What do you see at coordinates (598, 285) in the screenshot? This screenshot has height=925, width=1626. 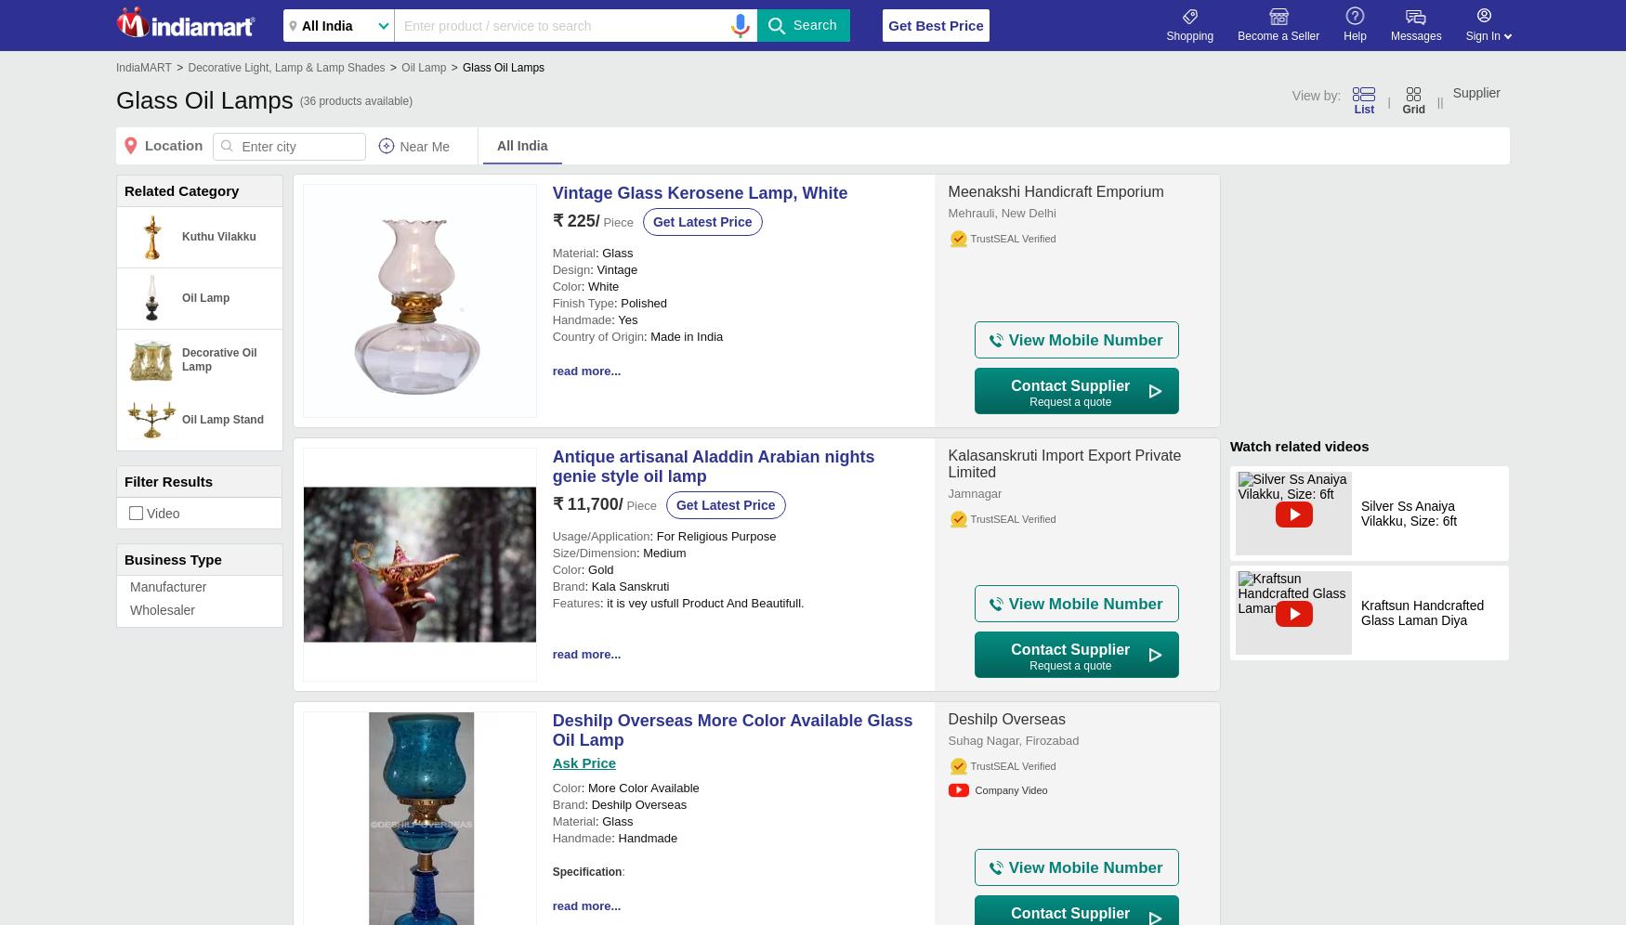 I see `':  White'` at bounding box center [598, 285].